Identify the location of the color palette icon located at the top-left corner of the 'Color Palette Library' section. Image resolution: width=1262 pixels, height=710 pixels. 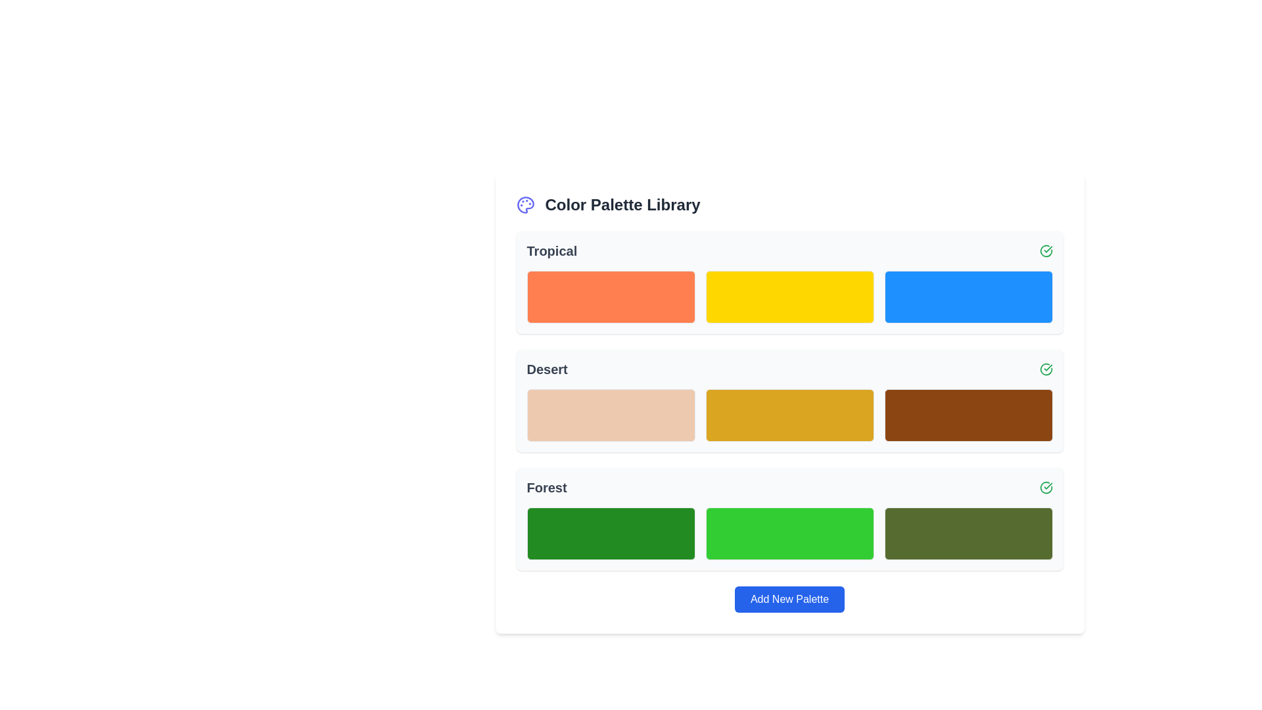
(525, 205).